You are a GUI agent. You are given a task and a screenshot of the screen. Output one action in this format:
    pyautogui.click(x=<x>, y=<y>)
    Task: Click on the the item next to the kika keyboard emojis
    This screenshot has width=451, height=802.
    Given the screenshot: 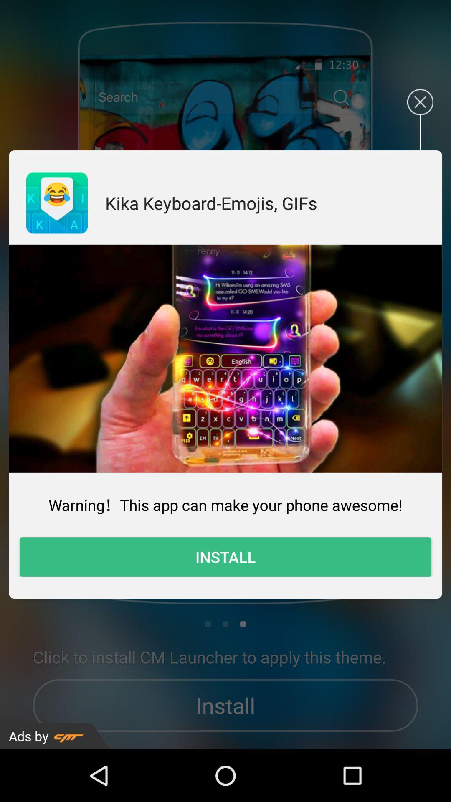 What is the action you would take?
    pyautogui.click(x=56, y=203)
    